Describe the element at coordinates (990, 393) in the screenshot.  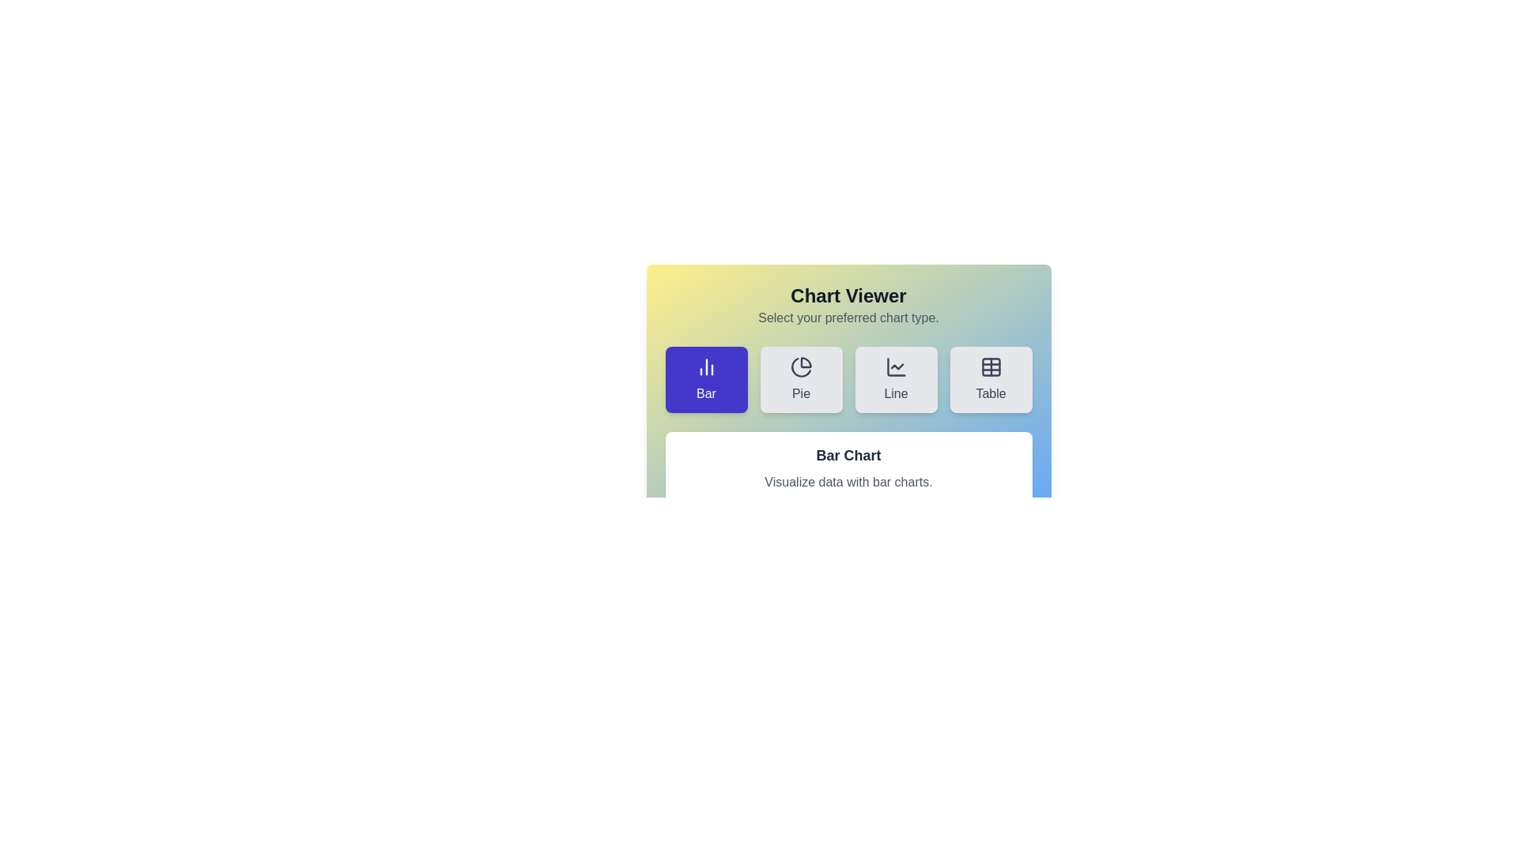
I see `the text label displaying the word 'Table' located in the top-right section of a horizontal row of buttons in the chart selection panel` at that location.